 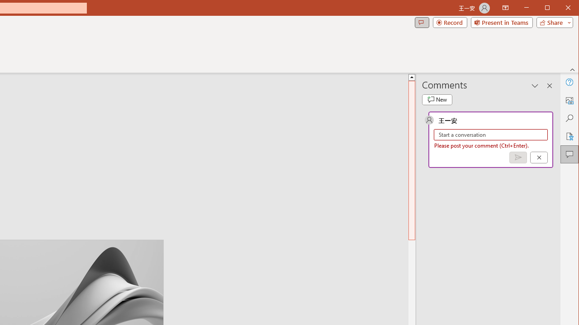 I want to click on 'Cancel', so click(x=539, y=157).